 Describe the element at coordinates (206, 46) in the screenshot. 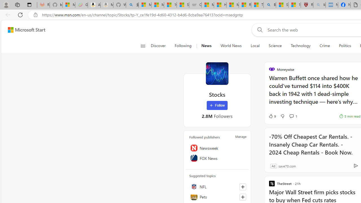

I see `'News'` at that location.